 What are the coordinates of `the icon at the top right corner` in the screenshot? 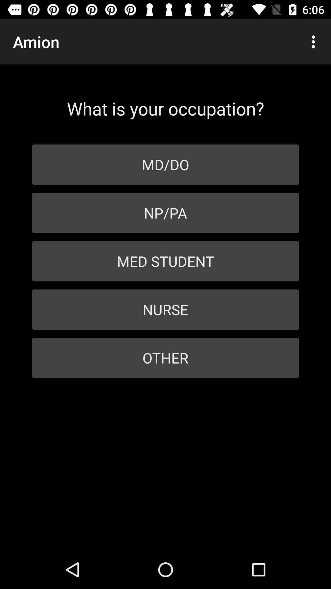 It's located at (315, 41).